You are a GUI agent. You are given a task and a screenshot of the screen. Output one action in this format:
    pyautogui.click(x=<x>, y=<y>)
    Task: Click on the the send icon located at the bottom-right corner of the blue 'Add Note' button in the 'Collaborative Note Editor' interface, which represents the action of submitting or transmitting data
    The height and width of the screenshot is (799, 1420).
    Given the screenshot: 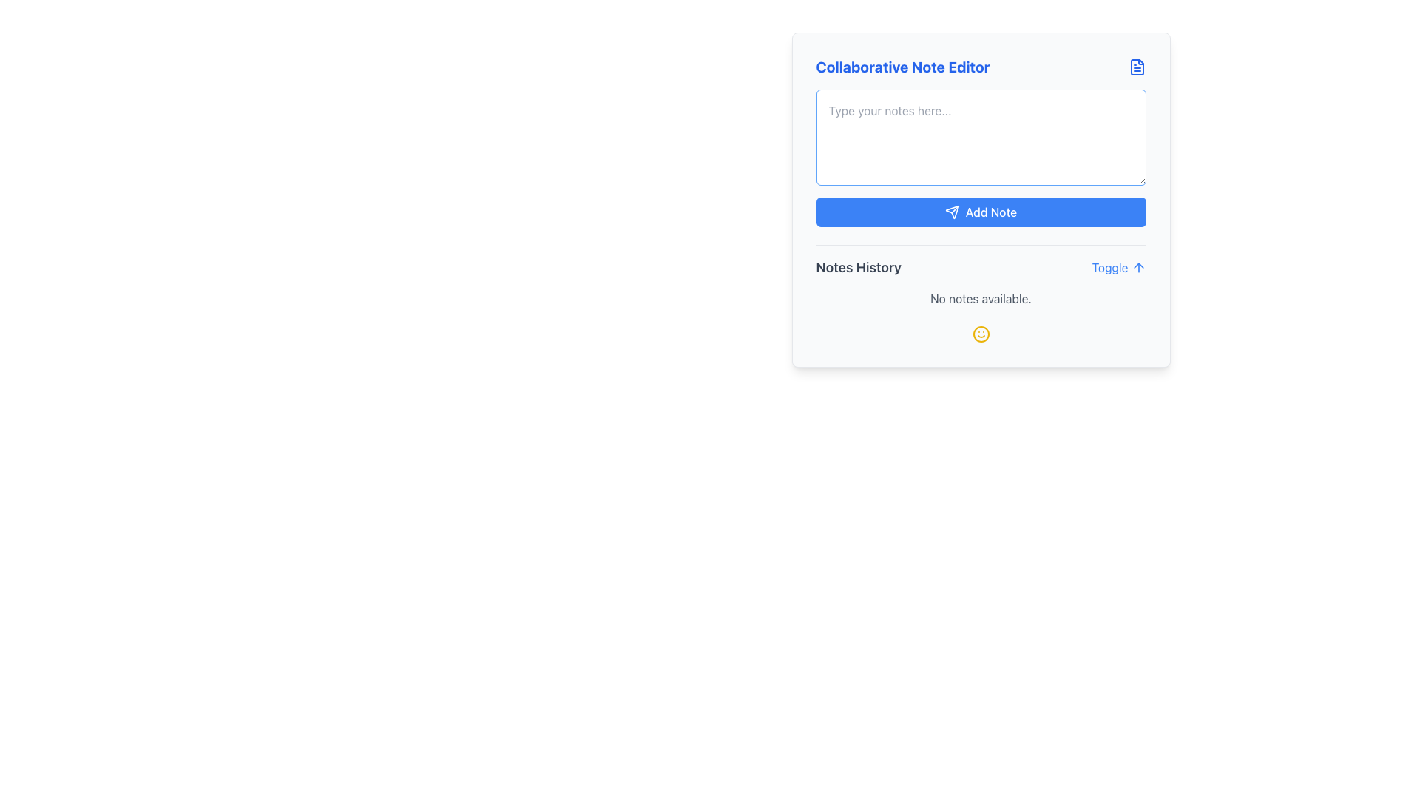 What is the action you would take?
    pyautogui.click(x=952, y=212)
    